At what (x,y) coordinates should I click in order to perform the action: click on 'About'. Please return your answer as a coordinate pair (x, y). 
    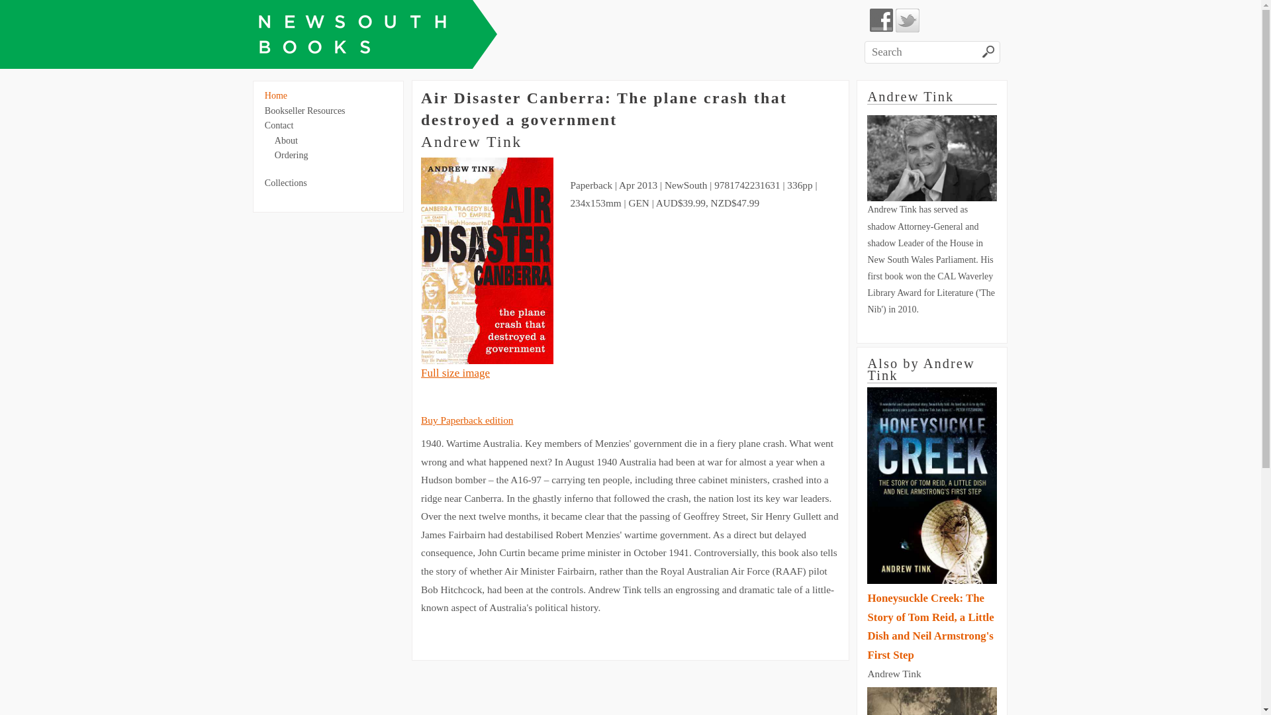
    Looking at the image, I should click on (285, 140).